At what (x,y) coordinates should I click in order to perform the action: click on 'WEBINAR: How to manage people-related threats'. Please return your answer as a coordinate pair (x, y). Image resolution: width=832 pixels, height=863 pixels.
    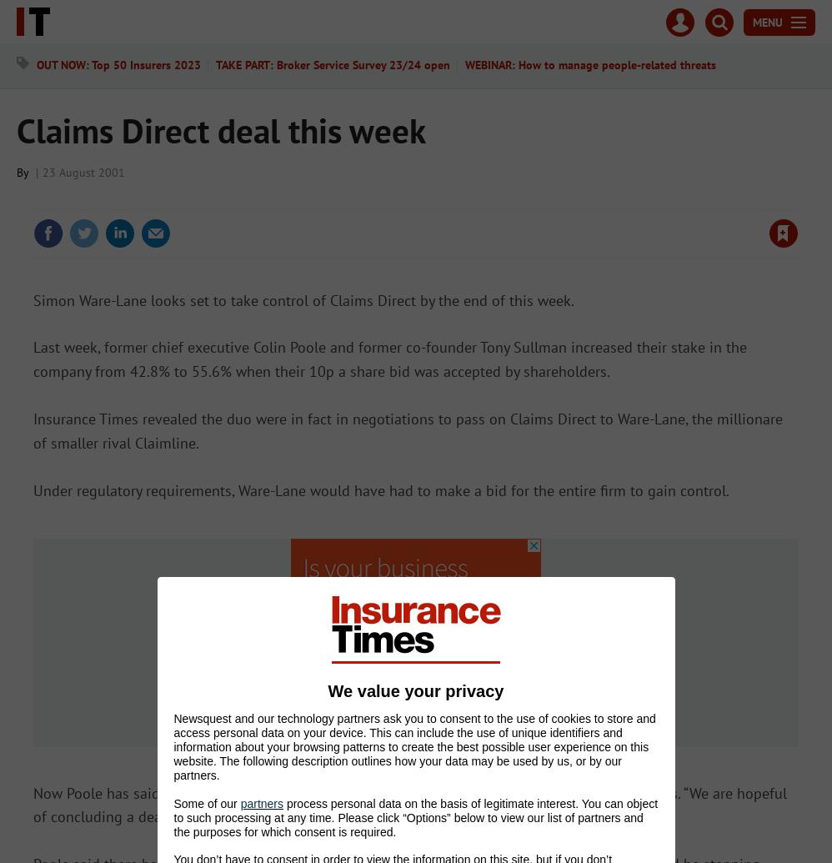
    Looking at the image, I should click on (464, 65).